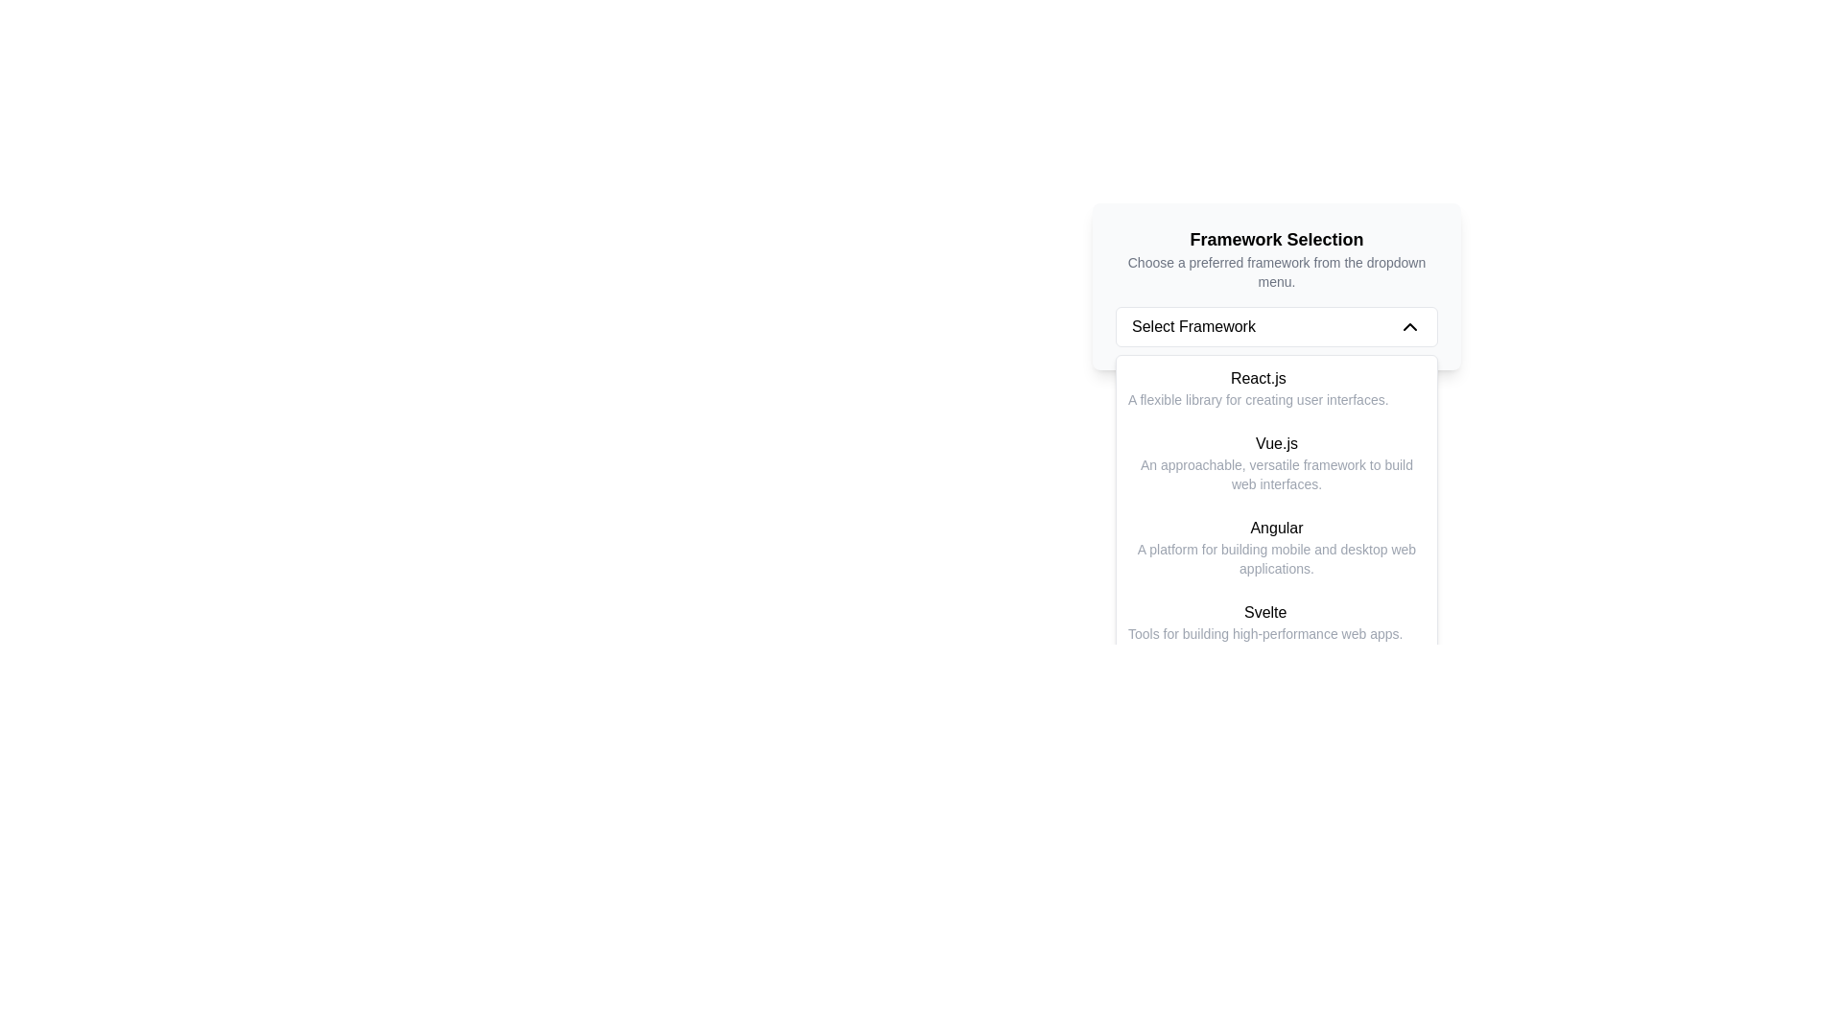 The width and height of the screenshot is (1842, 1036). Describe the element at coordinates (1276, 622) in the screenshot. I see `the fourth option in the 'Select Framework' dropdown menu` at that location.